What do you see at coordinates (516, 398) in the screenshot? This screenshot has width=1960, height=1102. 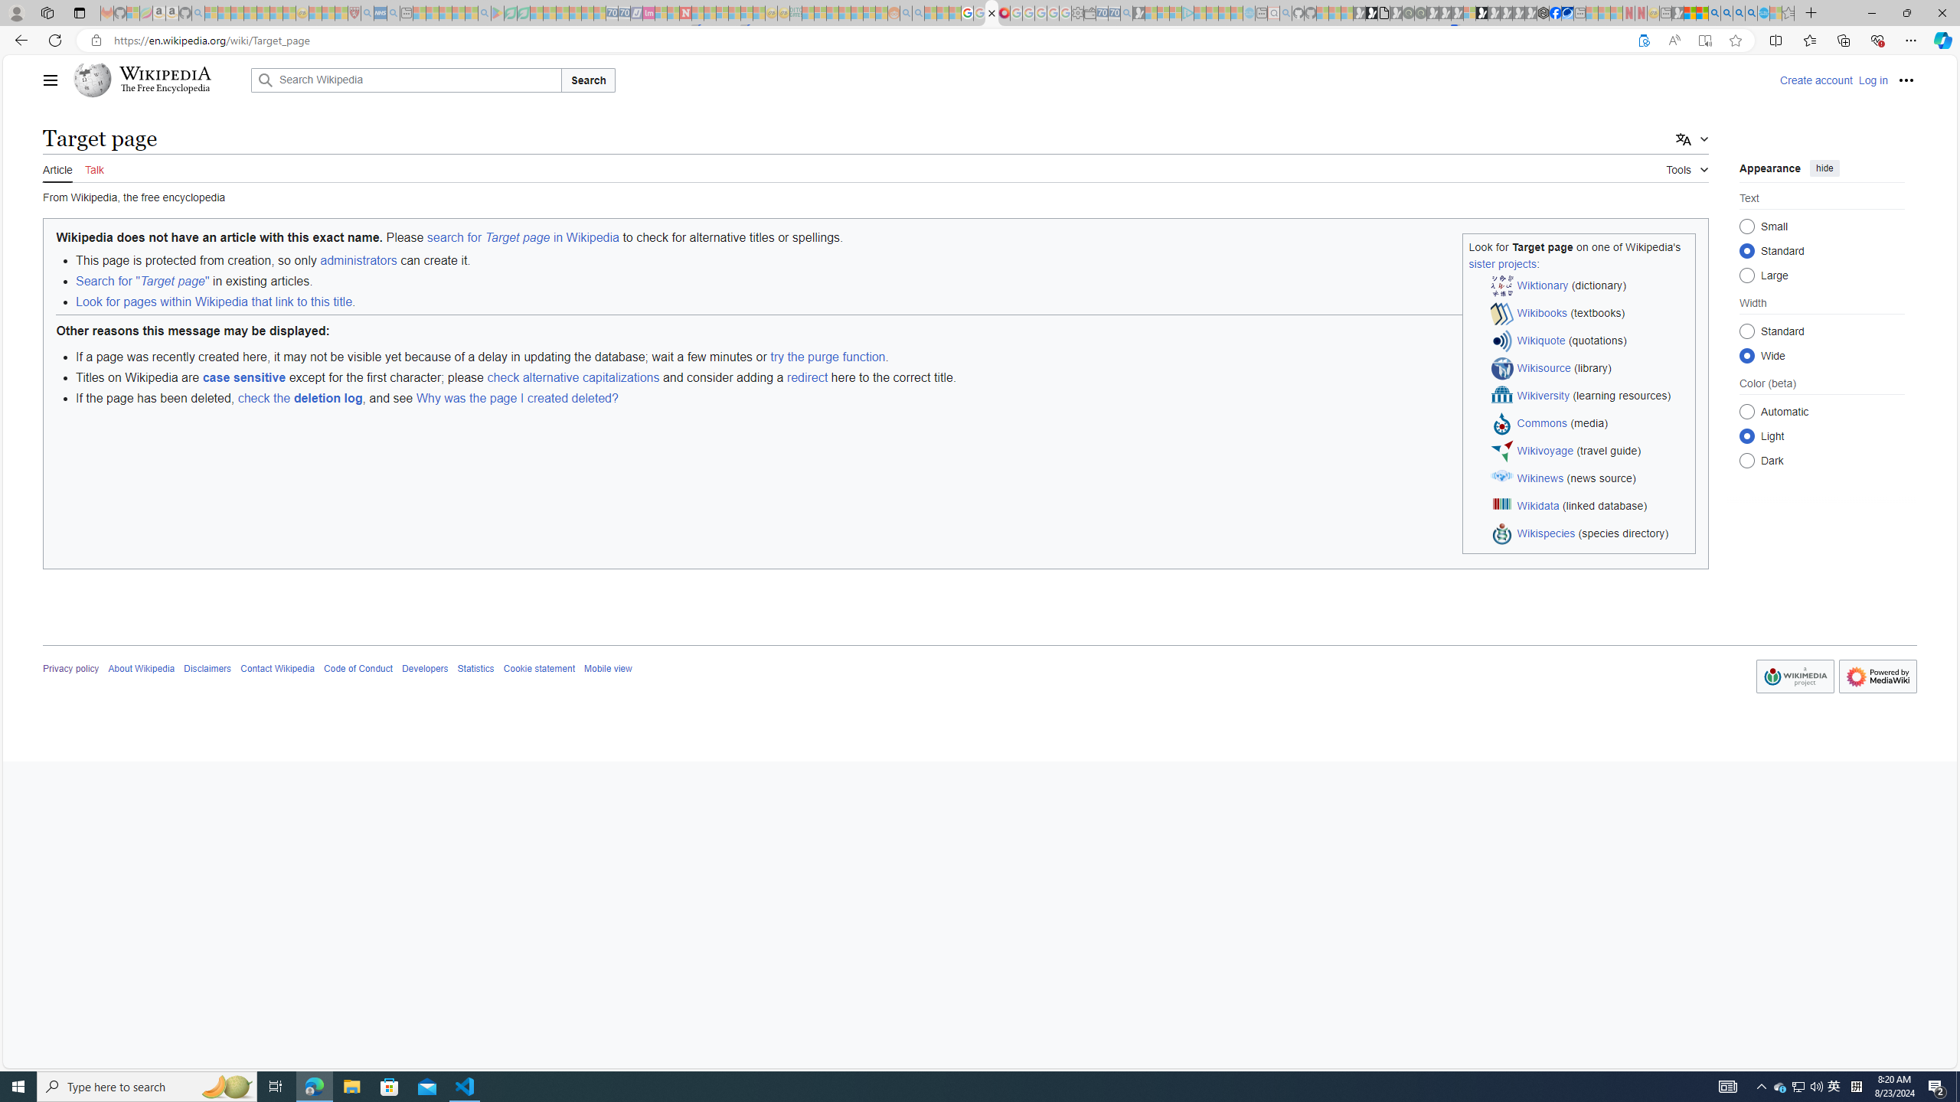 I see `'Why was the page I created deleted?'` at bounding box center [516, 398].